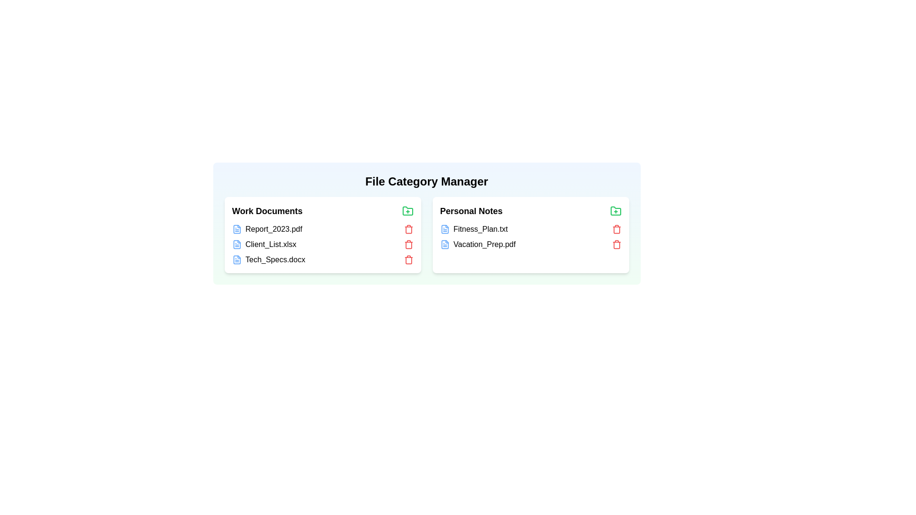  I want to click on the category card labeled 'Personal Notes' to highlight it, so click(530, 235).